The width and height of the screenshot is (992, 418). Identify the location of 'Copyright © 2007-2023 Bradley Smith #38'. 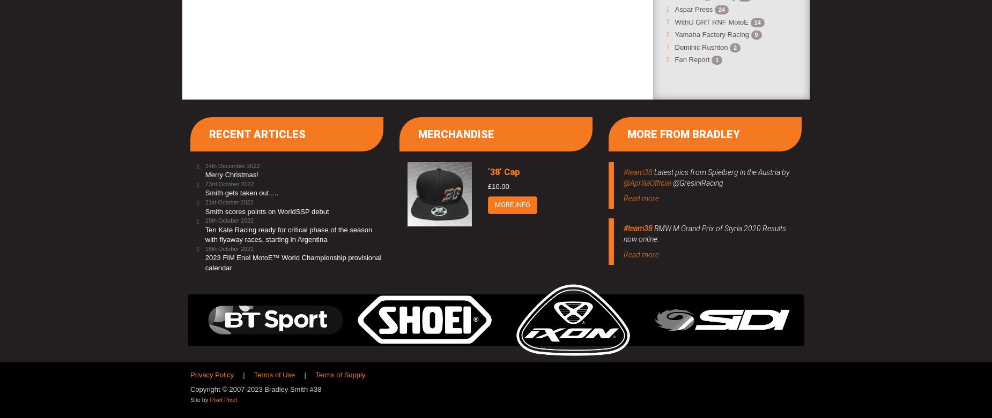
(255, 389).